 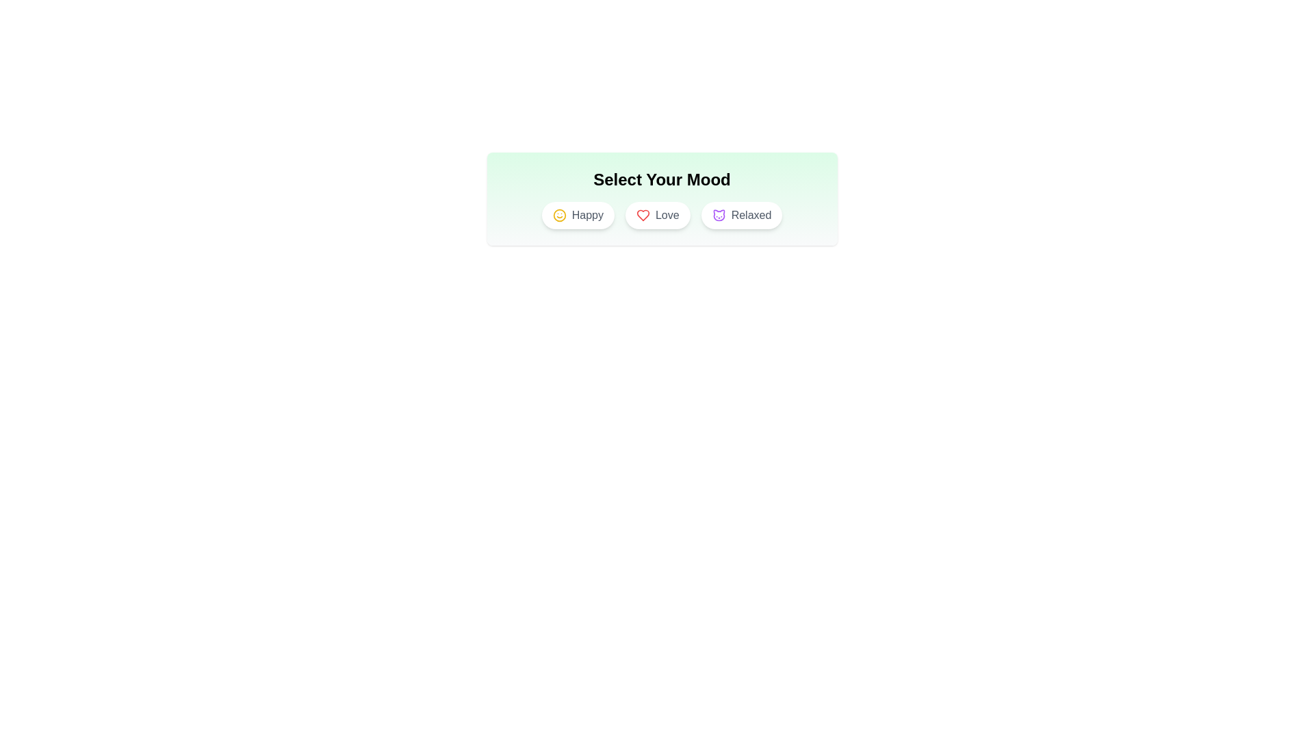 What do you see at coordinates (658, 216) in the screenshot?
I see `the 'Love' mood option to toggle its state` at bounding box center [658, 216].